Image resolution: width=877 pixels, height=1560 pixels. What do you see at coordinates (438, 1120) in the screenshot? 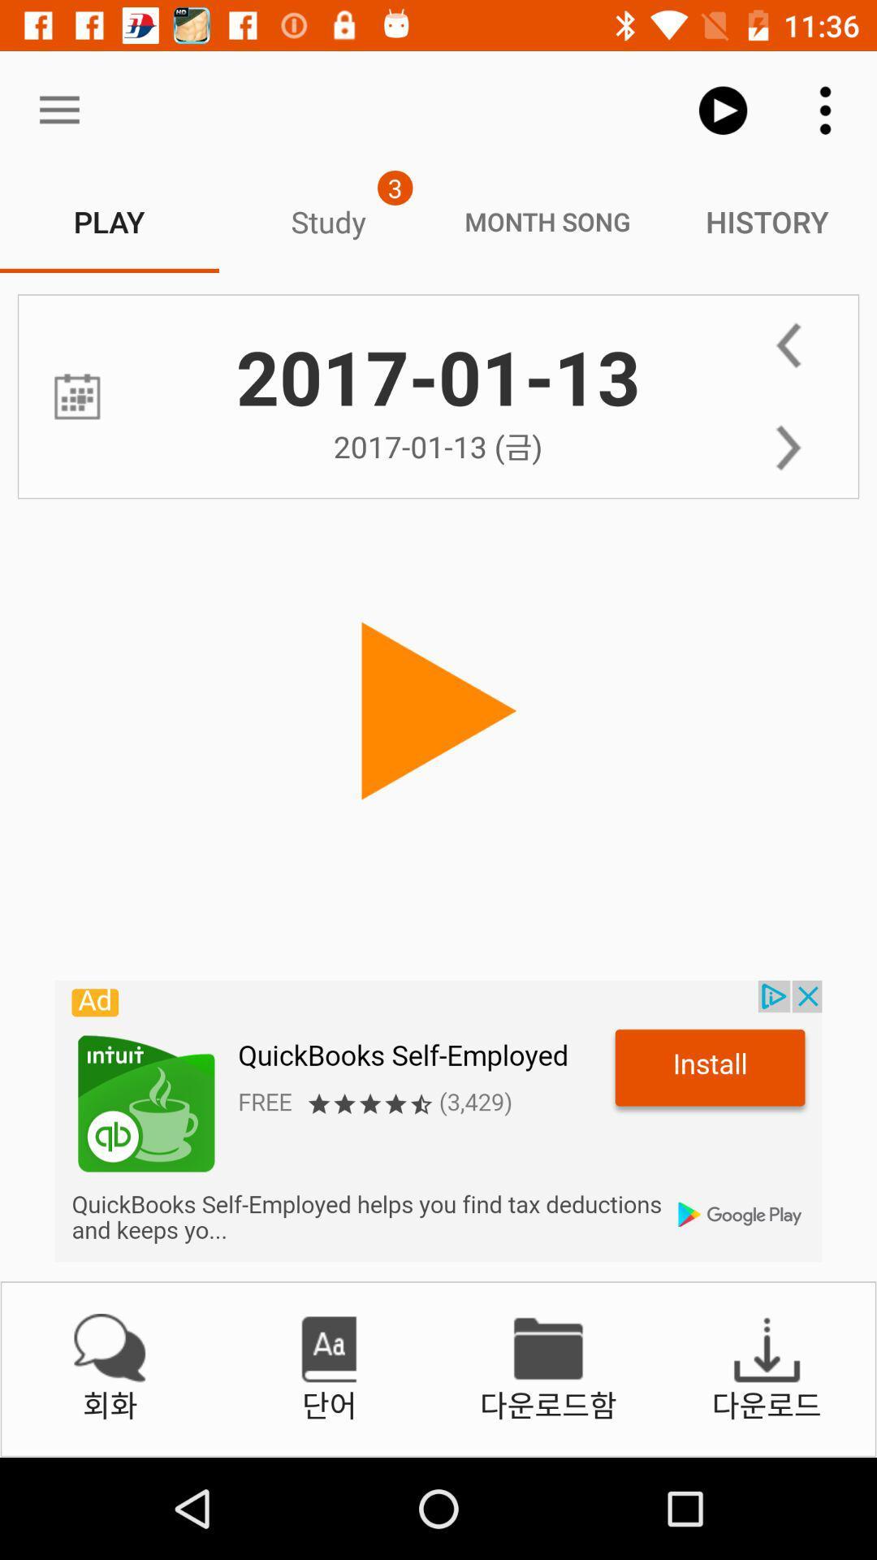
I see `click advertisement` at bounding box center [438, 1120].